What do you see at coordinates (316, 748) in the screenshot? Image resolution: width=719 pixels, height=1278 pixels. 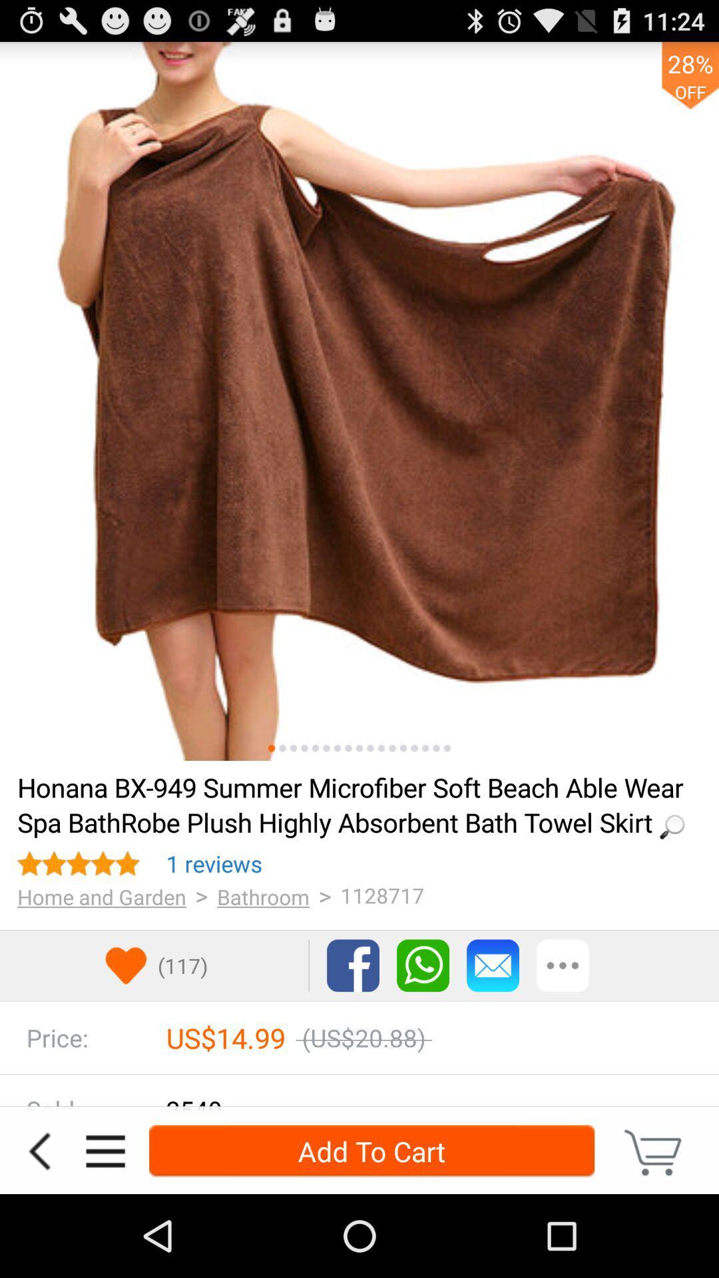 I see `see image` at bounding box center [316, 748].